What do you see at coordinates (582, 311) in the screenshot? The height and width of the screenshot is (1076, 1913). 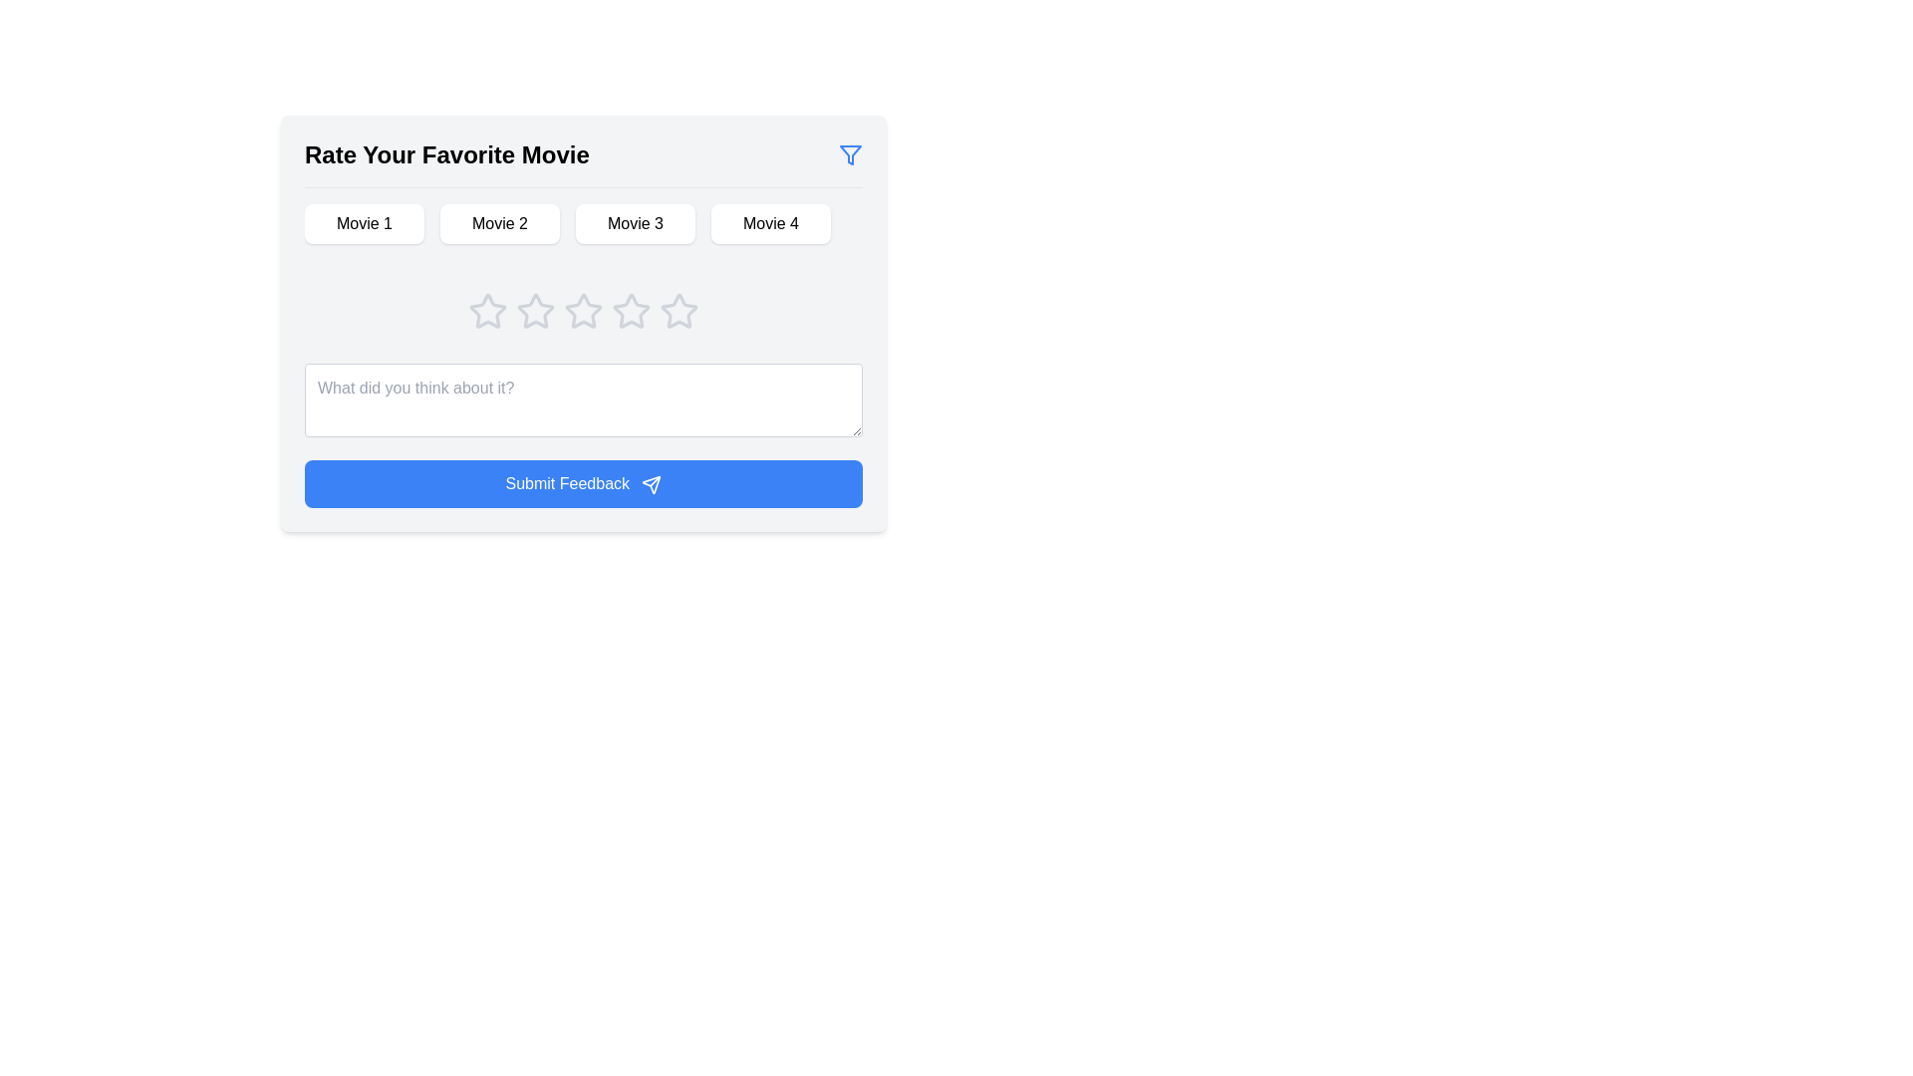 I see `the second star-shaped rating icon with a hollow center, which is light gray in color, located directly below the 'Rate Your Favorite Movie' label` at bounding box center [582, 311].